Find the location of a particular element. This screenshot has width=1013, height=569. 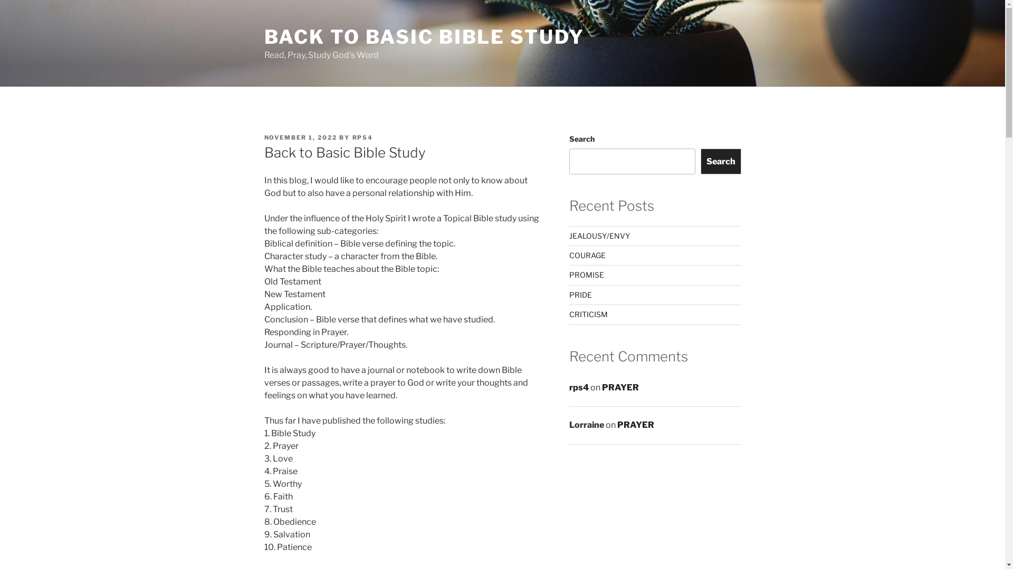

'Search' is located at coordinates (720, 161).